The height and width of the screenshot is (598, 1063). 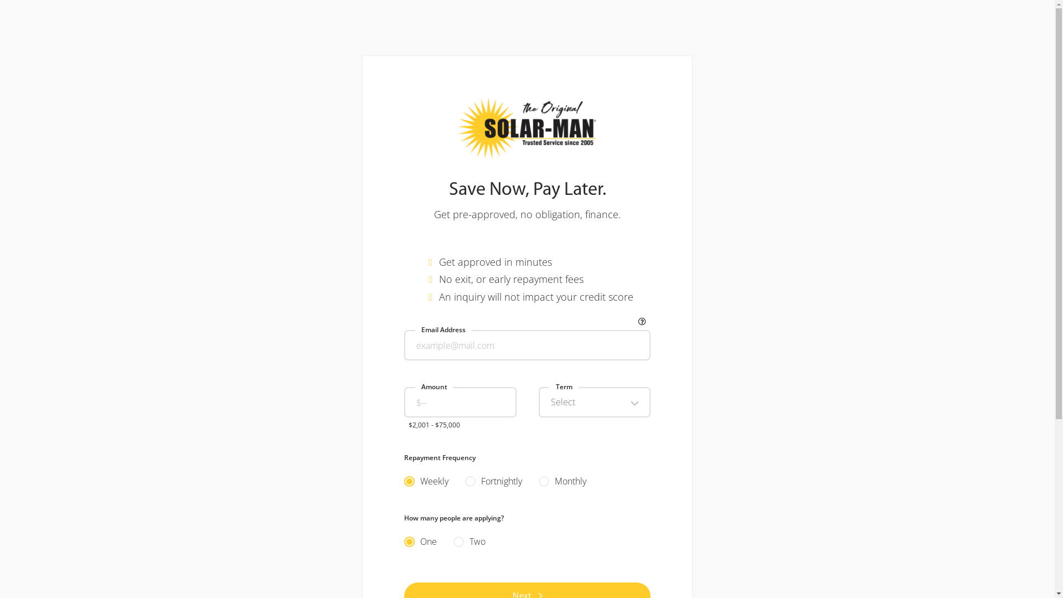 What do you see at coordinates (538, 402) in the screenshot?
I see `'Select'` at bounding box center [538, 402].